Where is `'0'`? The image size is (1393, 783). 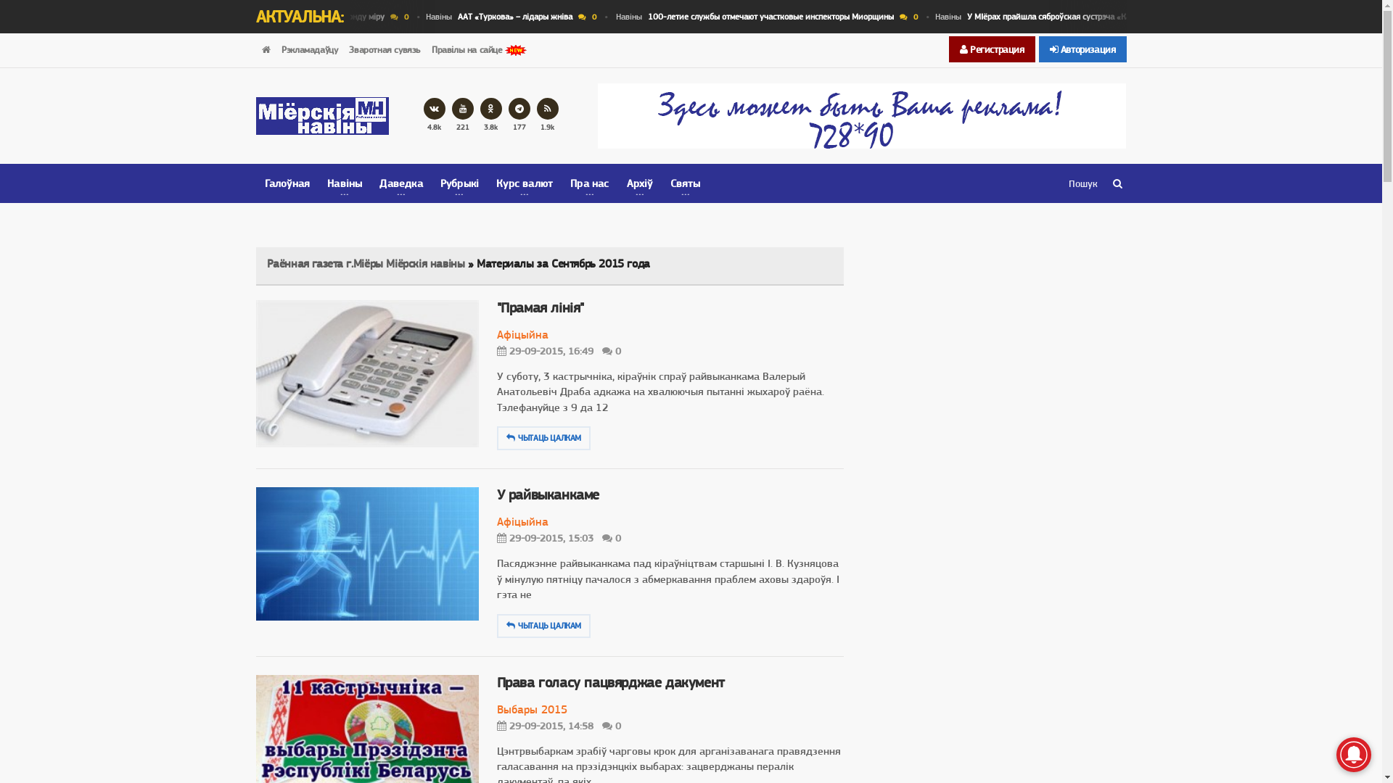
'0' is located at coordinates (725, 17).